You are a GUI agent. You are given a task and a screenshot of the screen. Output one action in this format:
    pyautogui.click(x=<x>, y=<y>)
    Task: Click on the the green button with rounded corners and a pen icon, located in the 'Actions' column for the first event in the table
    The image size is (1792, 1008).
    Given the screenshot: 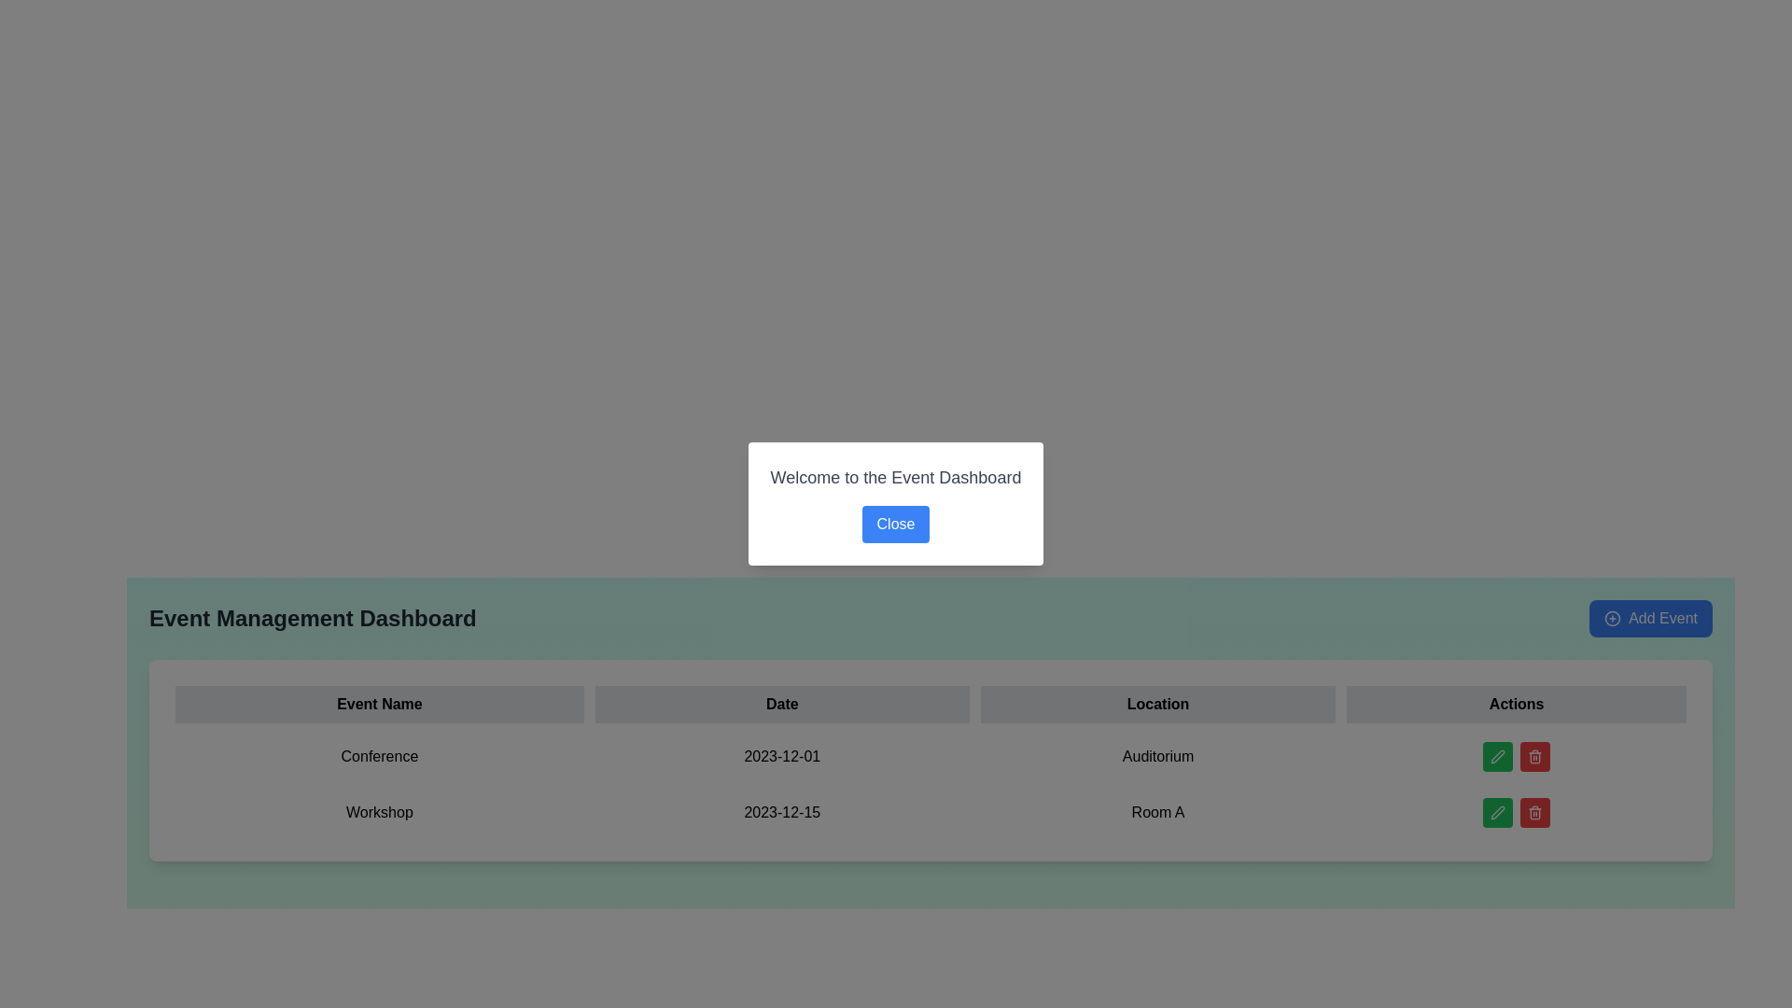 What is the action you would take?
    pyautogui.click(x=1498, y=756)
    